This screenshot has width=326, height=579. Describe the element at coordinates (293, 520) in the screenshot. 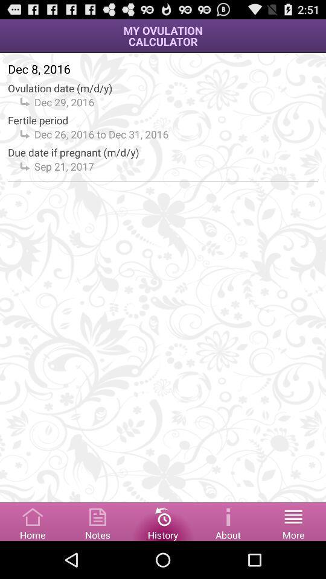

I see `more` at that location.